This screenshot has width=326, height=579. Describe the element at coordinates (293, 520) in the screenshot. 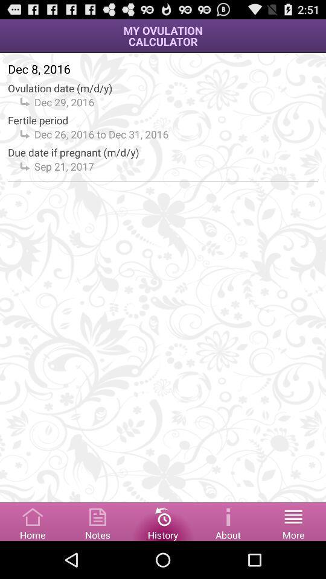

I see `more` at that location.